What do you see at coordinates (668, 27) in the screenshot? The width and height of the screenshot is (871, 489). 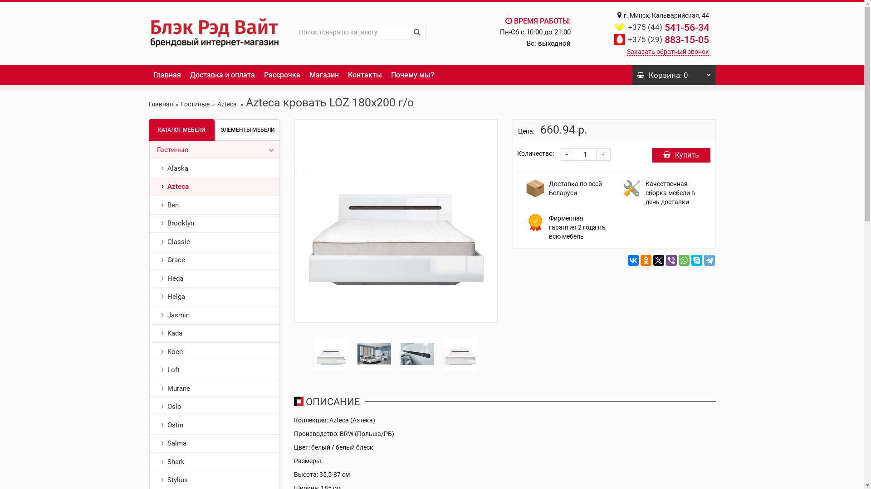 I see `'+375 (44) 541-56-34'` at bounding box center [668, 27].